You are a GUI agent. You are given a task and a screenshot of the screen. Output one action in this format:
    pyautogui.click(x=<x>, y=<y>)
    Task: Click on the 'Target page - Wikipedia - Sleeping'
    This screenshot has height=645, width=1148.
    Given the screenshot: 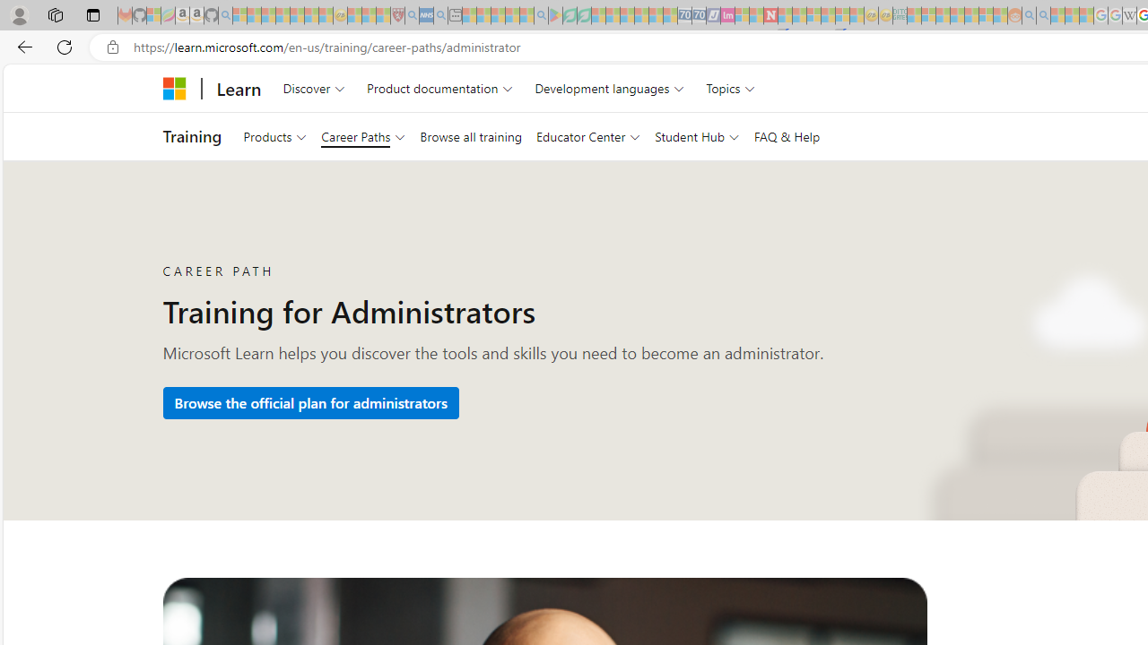 What is the action you would take?
    pyautogui.click(x=1128, y=15)
    